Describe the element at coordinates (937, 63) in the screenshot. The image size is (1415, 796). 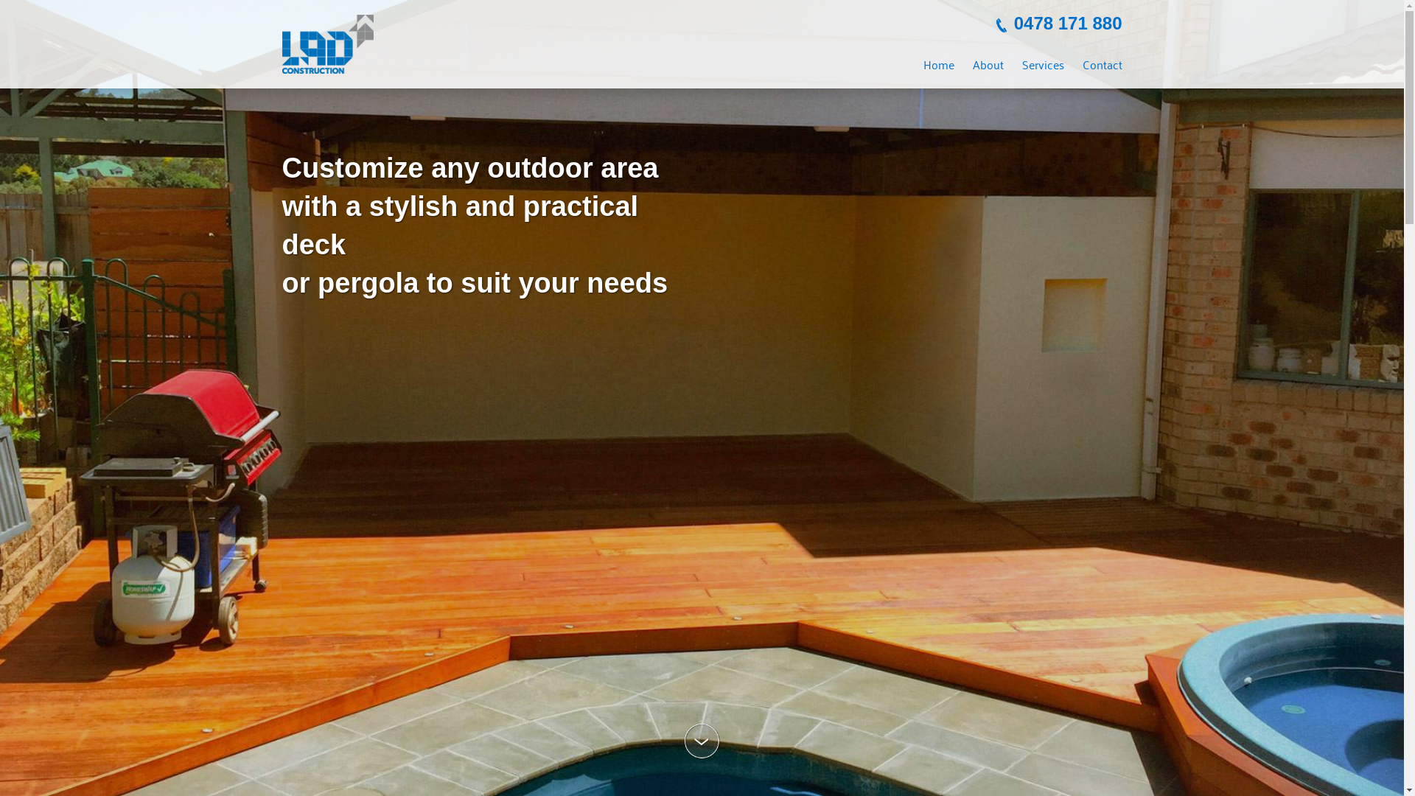
I see `'Home'` at that location.